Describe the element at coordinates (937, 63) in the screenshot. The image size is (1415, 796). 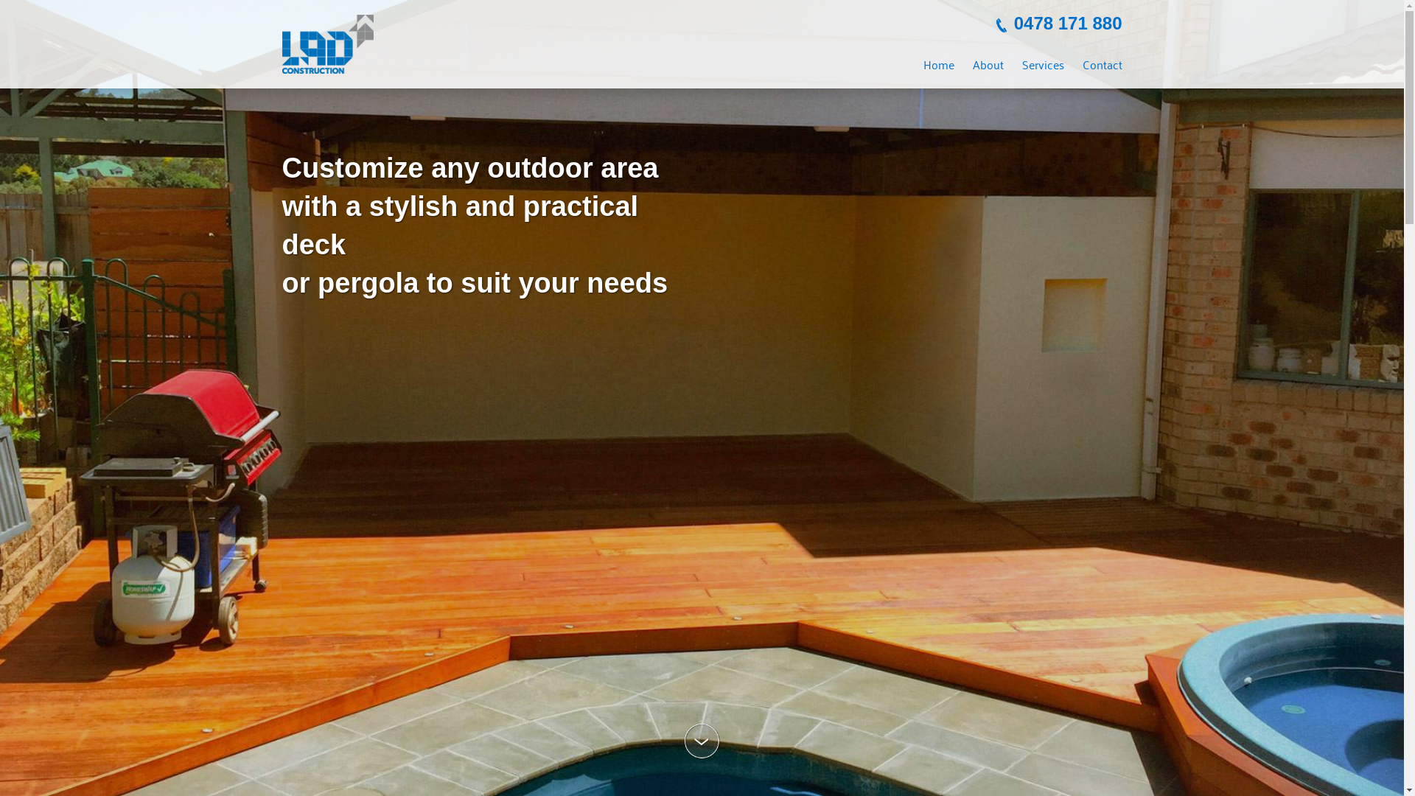
I see `'Home'` at that location.